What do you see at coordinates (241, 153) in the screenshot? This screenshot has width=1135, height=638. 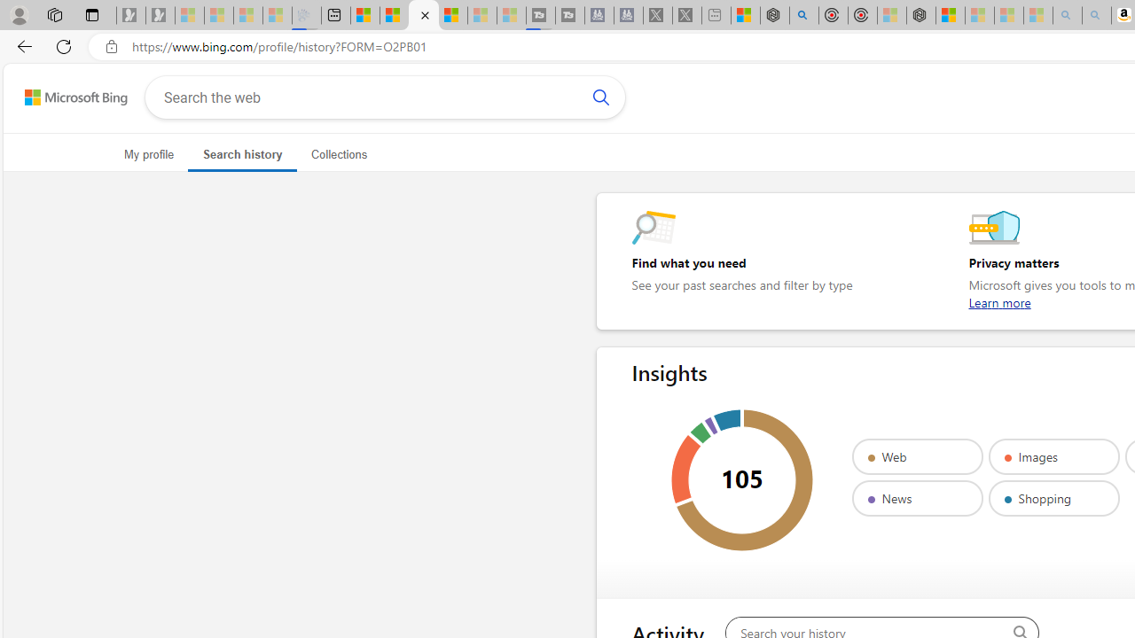 I see `'Search history'` at bounding box center [241, 153].